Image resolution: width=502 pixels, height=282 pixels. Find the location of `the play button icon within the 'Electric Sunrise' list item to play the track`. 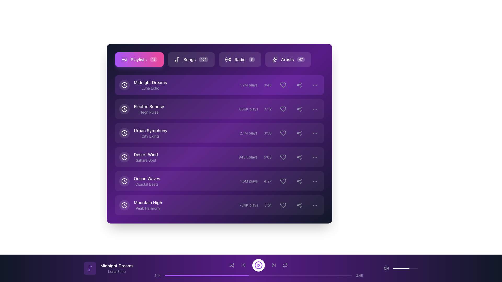

the play button icon within the 'Electric Sunrise' list item to play the track is located at coordinates (124, 109).